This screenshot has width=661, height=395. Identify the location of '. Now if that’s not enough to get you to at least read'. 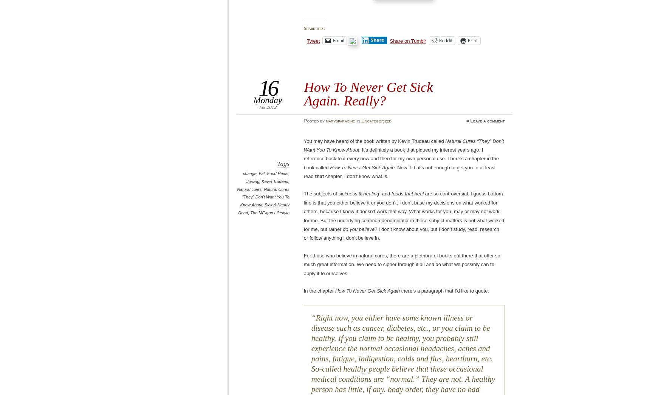
(399, 172).